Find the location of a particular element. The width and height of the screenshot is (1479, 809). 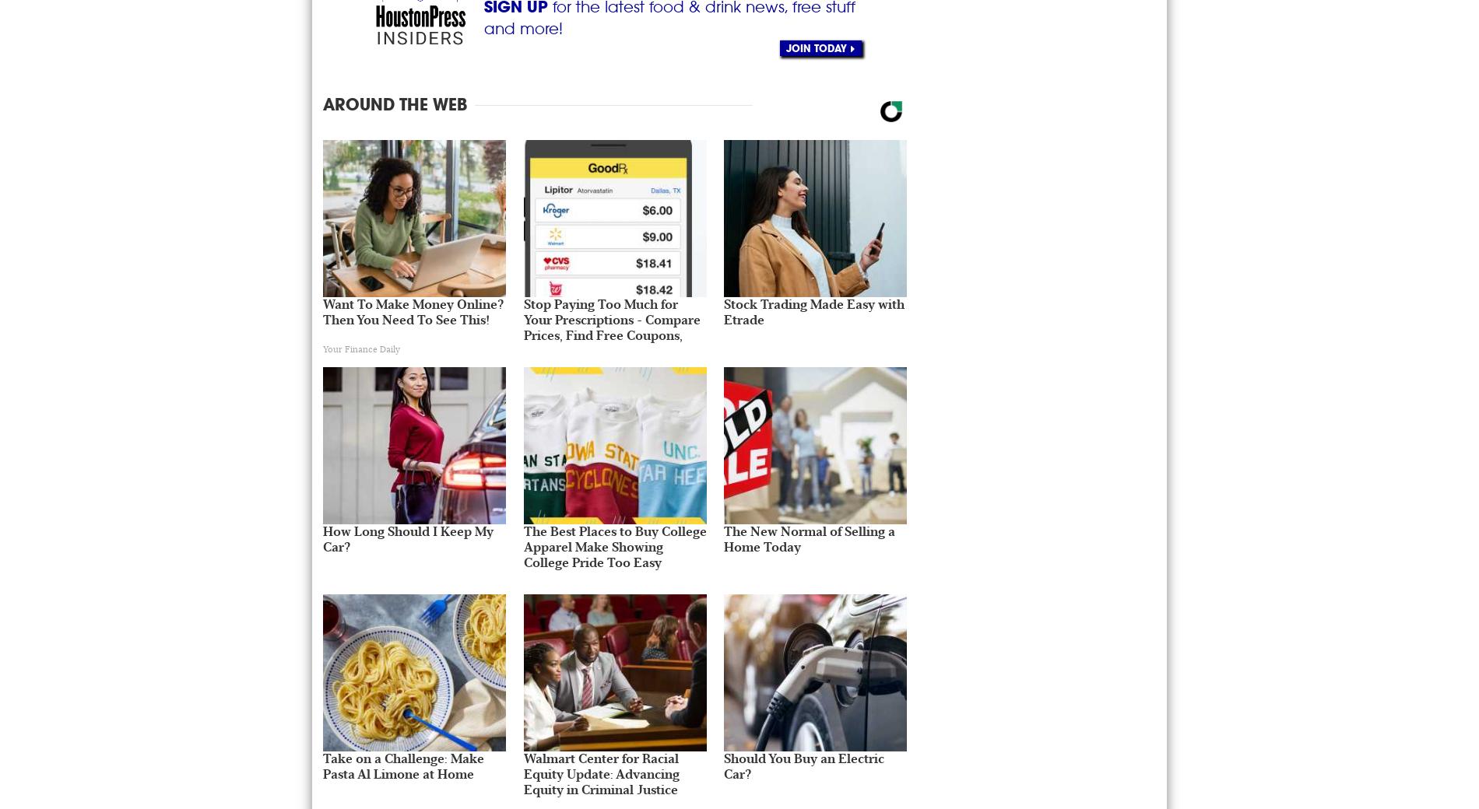

'Around the Web' is located at coordinates (395, 103).